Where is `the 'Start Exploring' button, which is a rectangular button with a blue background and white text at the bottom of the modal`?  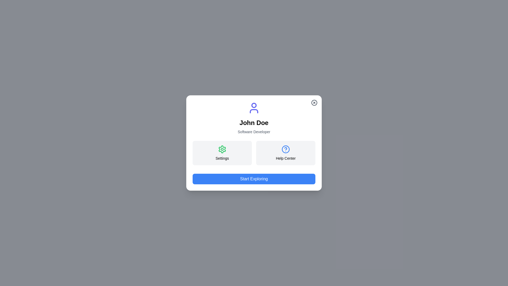 the 'Start Exploring' button, which is a rectangular button with a blue background and white text at the bottom of the modal is located at coordinates (254, 179).